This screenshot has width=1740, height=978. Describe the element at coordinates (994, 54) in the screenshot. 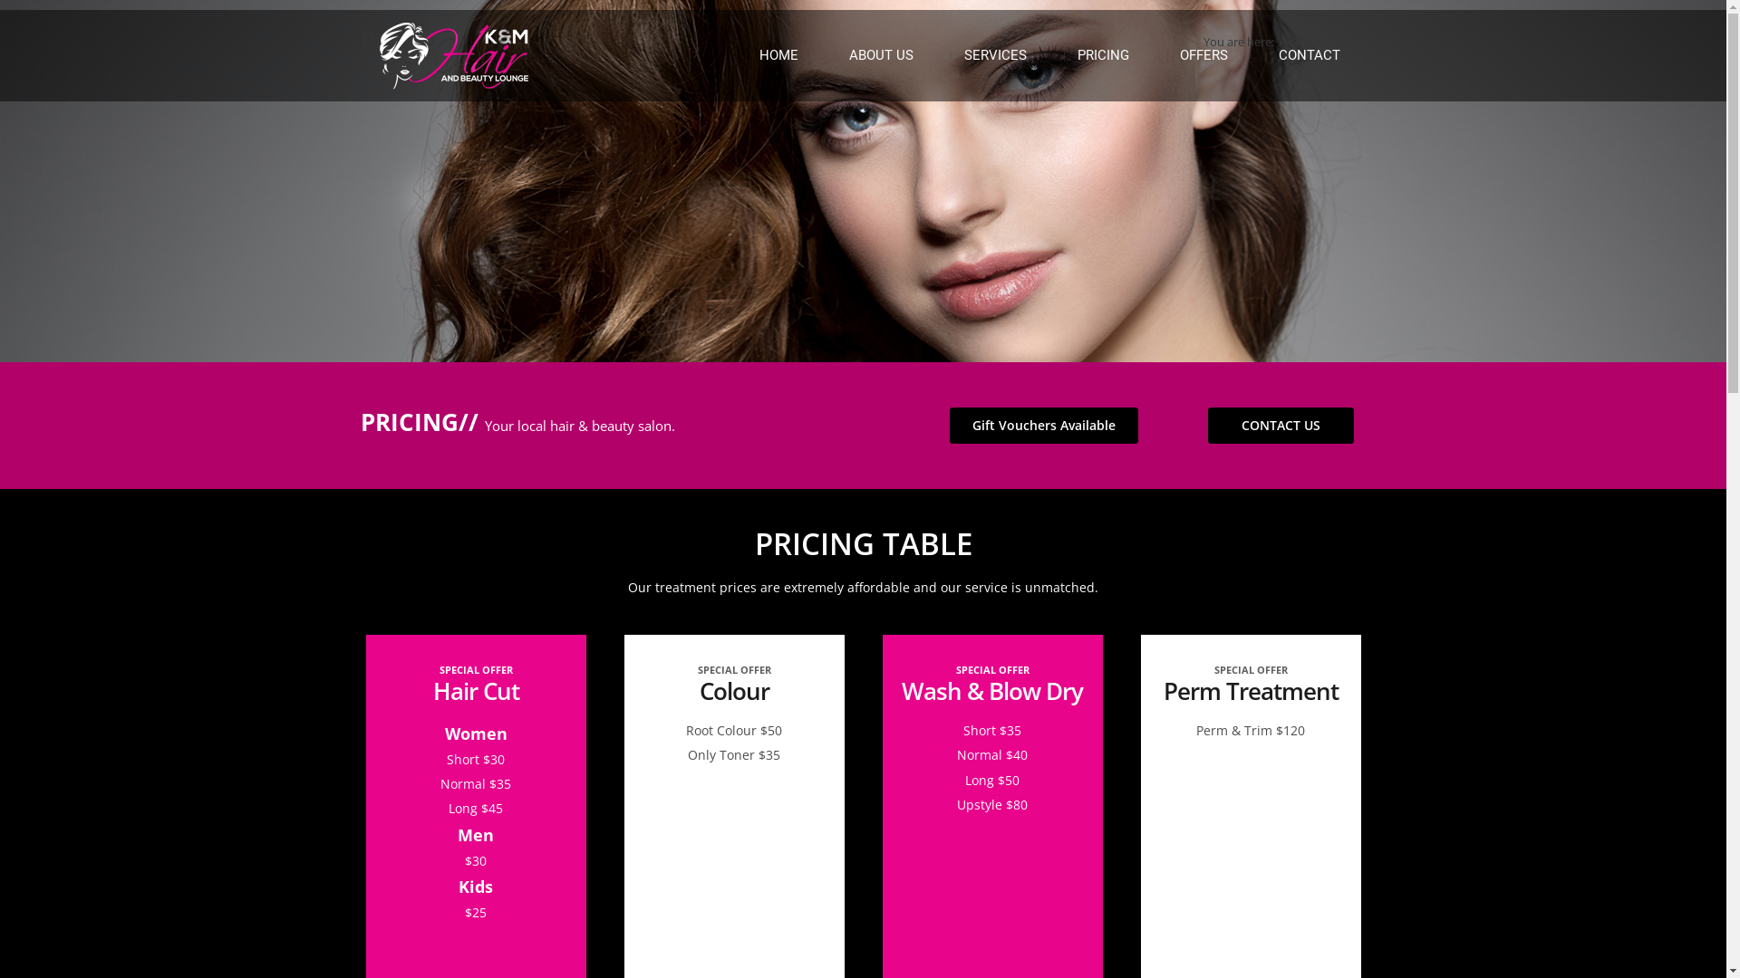

I see `'SERVICES'` at that location.